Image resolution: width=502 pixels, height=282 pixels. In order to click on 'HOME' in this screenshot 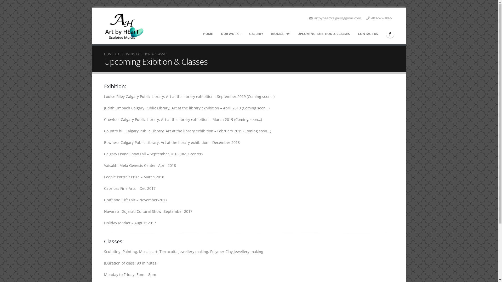, I will do `click(109, 54)`.